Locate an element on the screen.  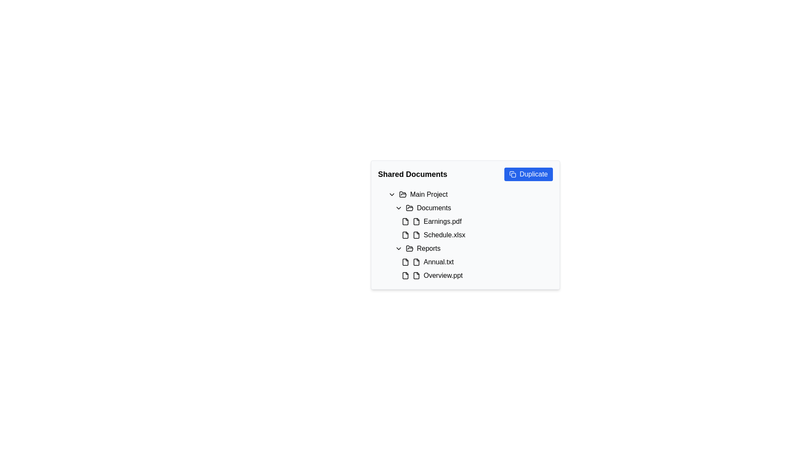
the text label representing the file named 'Schedule.xlsx' located under the 'Documents' subfolder in the 'Main Project' folder is located at coordinates (444, 235).